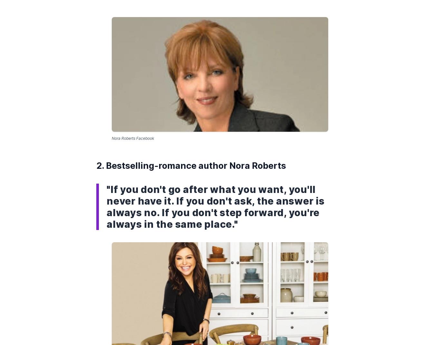 Image resolution: width=440 pixels, height=345 pixels. I want to click on 'We'll be in your inbox every morning Monday-Saturday with all the day’s top business news, inspiring stories, best advice and exclusive reporting from Entrepreneur.', so click(134, 152).